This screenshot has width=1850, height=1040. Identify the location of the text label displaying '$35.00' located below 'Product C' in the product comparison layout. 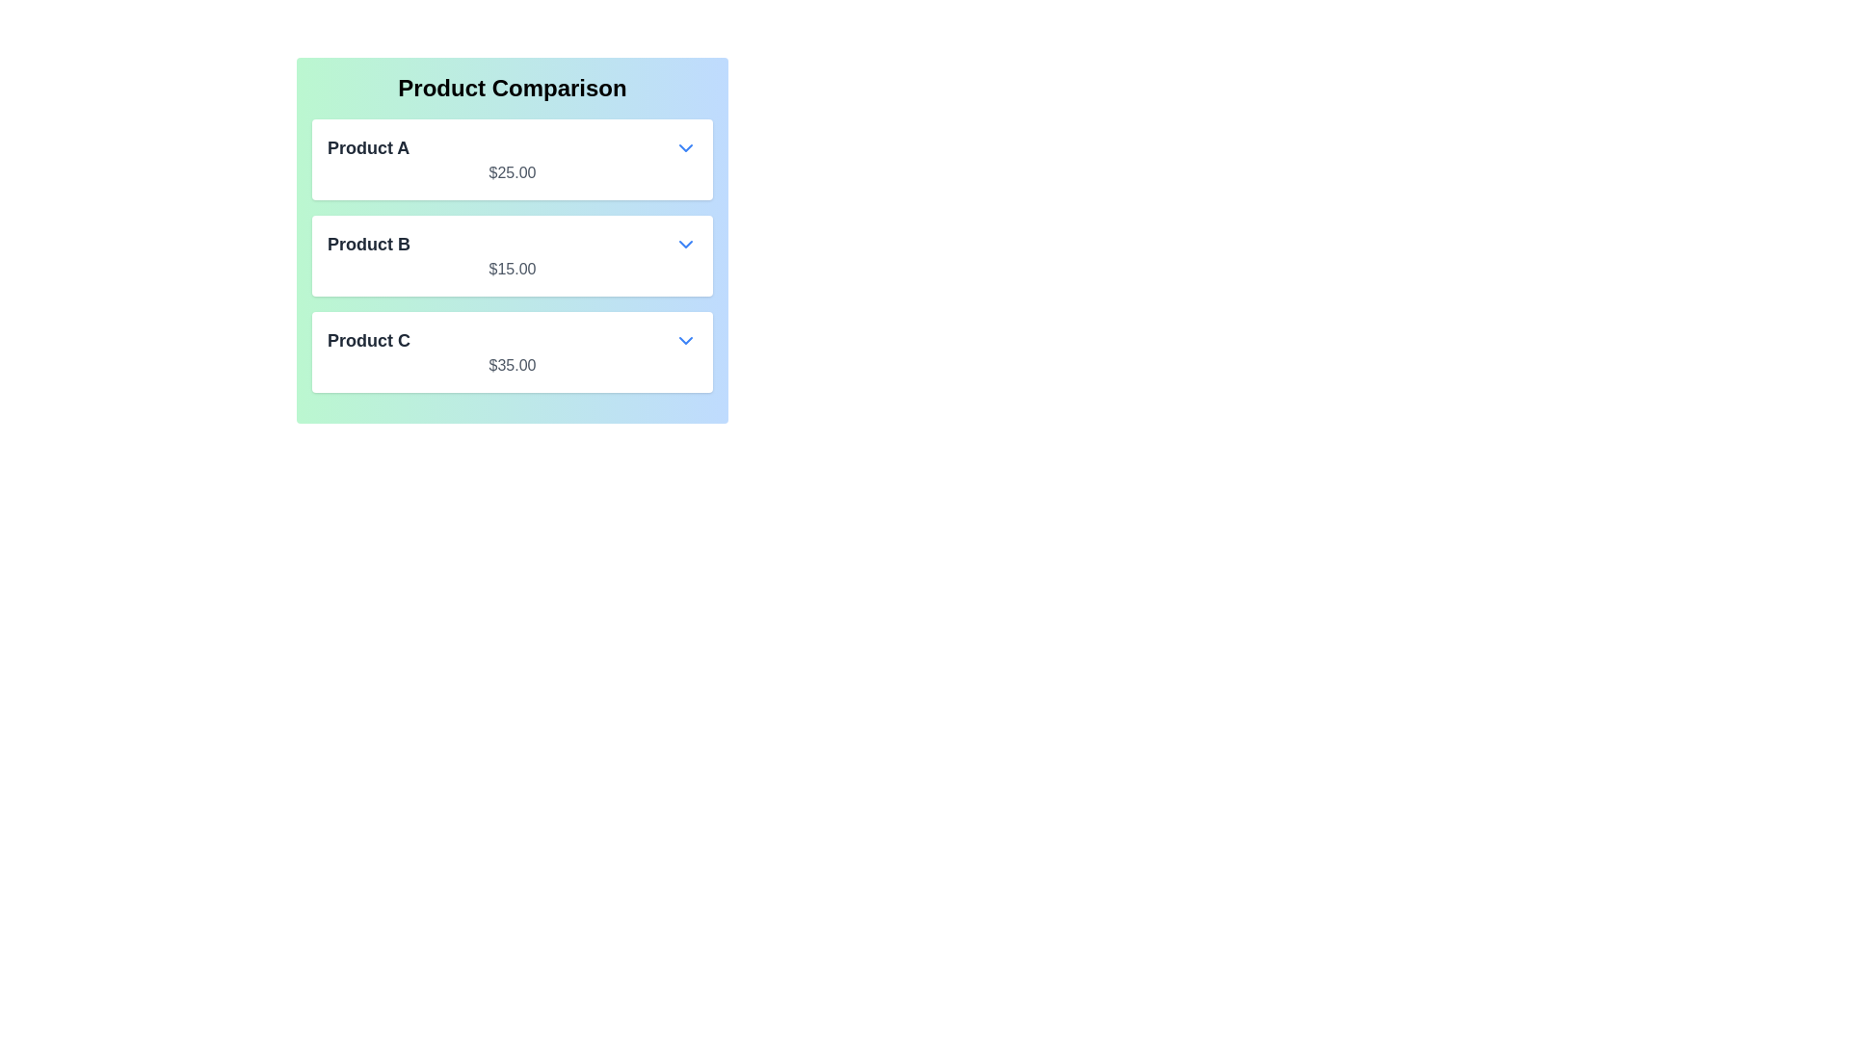
(513, 366).